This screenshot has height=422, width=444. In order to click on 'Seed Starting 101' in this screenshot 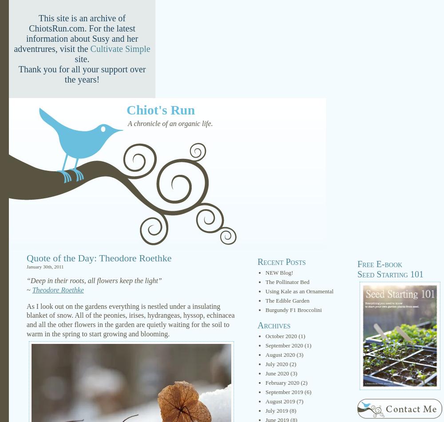, I will do `click(357, 273)`.